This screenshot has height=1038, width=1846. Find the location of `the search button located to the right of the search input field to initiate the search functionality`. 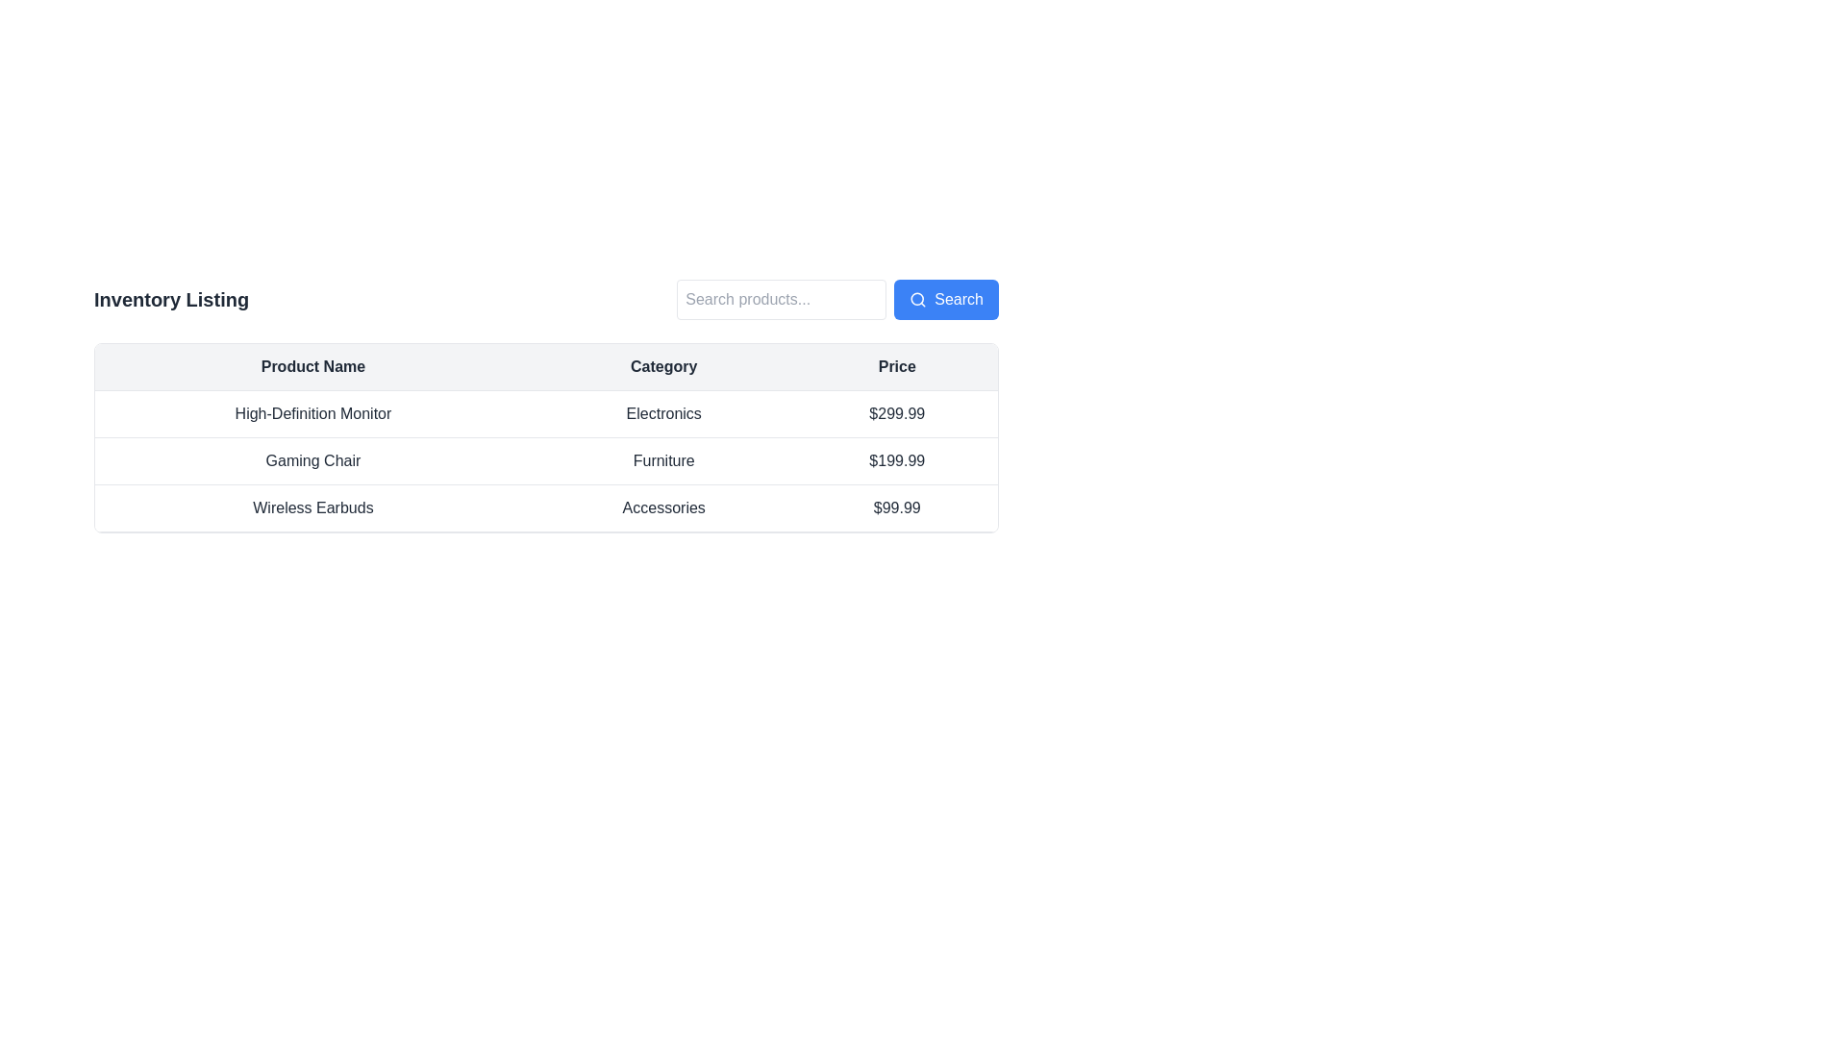

the search button located to the right of the search input field to initiate the search functionality is located at coordinates (946, 300).